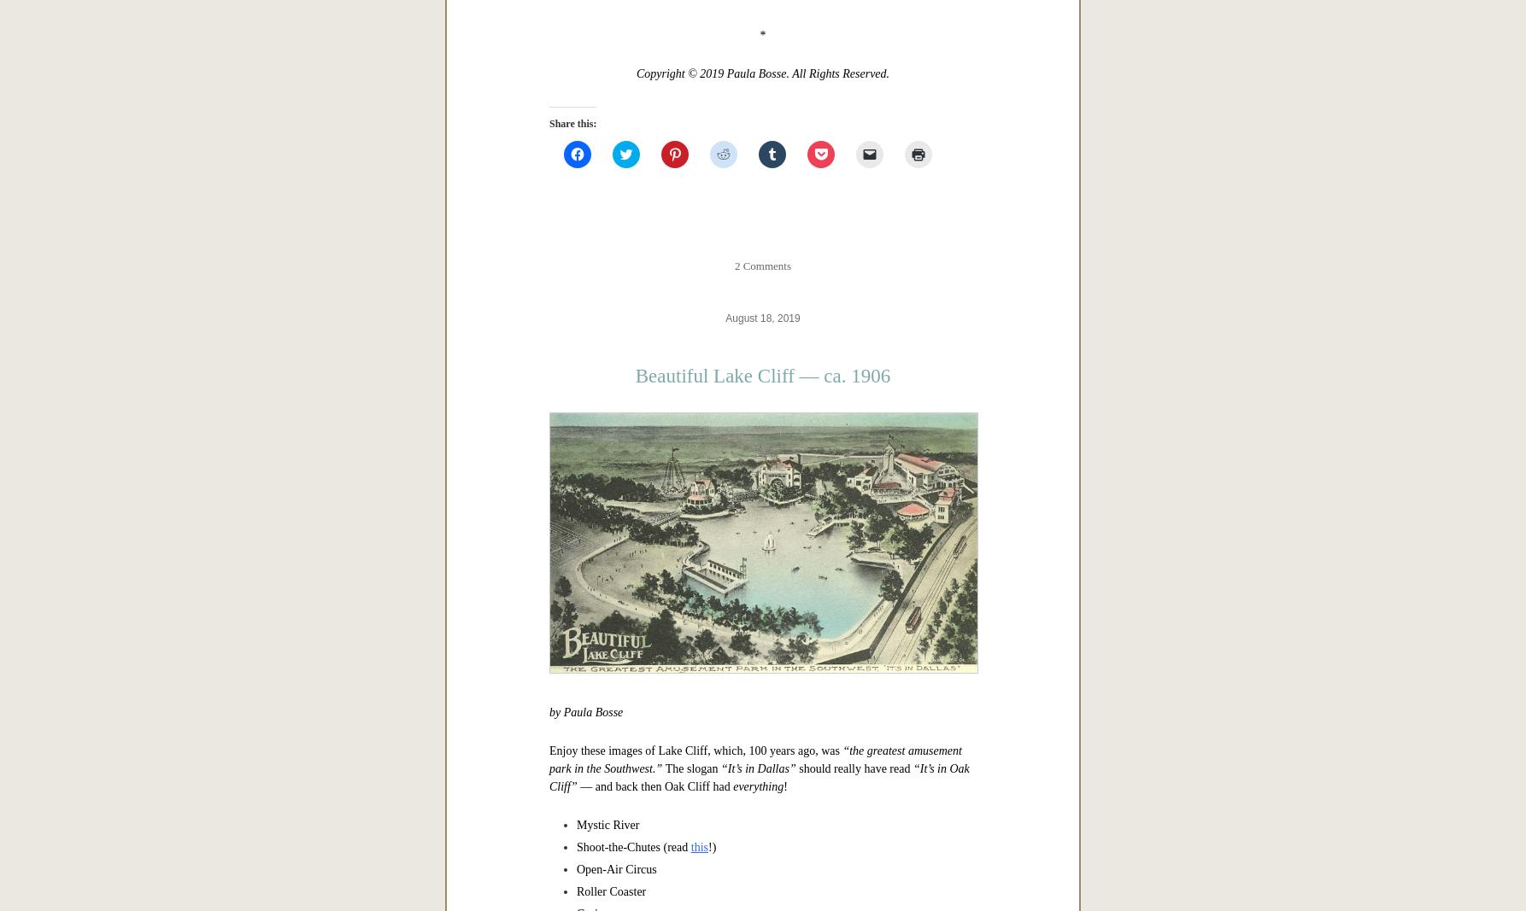 The width and height of the screenshot is (1526, 911). What do you see at coordinates (761, 265) in the screenshot?
I see `'2 Comments'` at bounding box center [761, 265].